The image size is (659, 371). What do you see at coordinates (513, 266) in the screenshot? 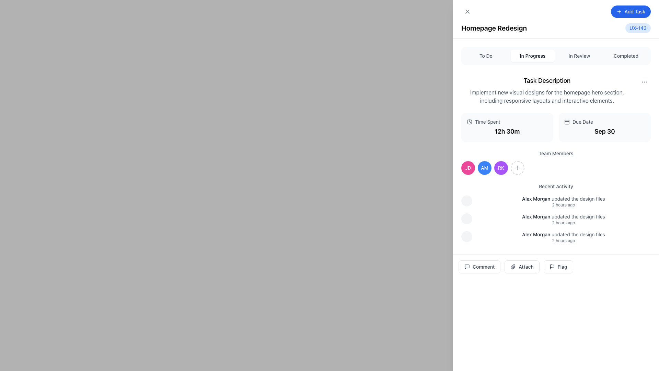
I see `the paperclip icon within the 'Attach' button` at bounding box center [513, 266].